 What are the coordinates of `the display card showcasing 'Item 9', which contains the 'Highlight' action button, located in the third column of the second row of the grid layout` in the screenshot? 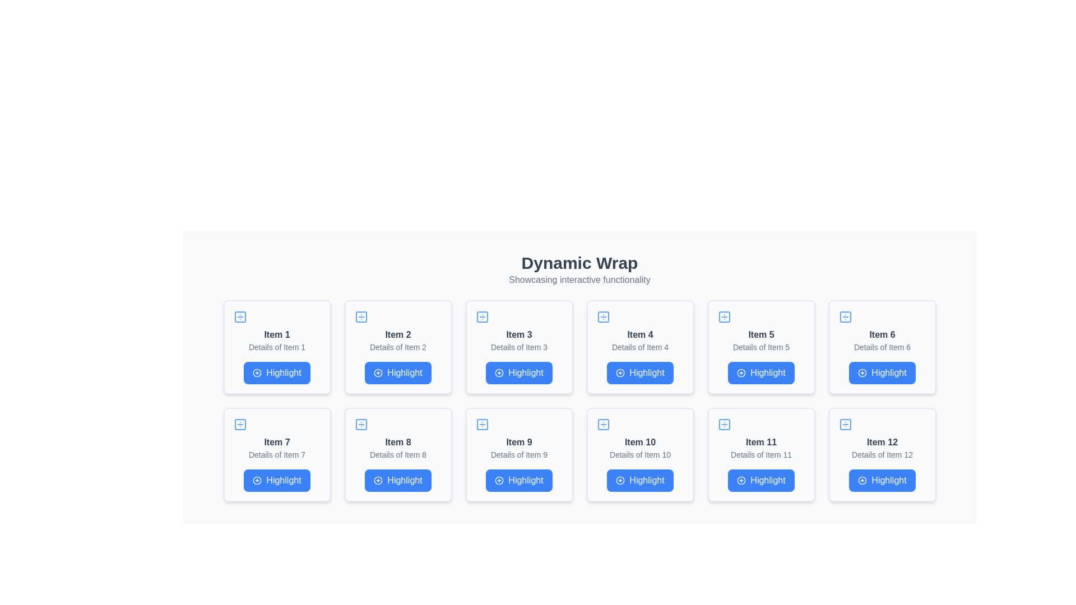 It's located at (518, 455).